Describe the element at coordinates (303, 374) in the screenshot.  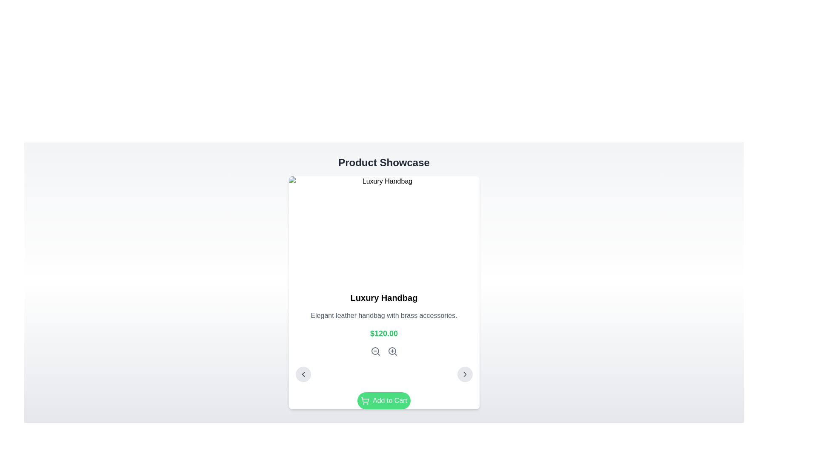
I see `the left-pointing chevron icon within the circular button located at the bottom-left corner of the product showcase card` at that location.